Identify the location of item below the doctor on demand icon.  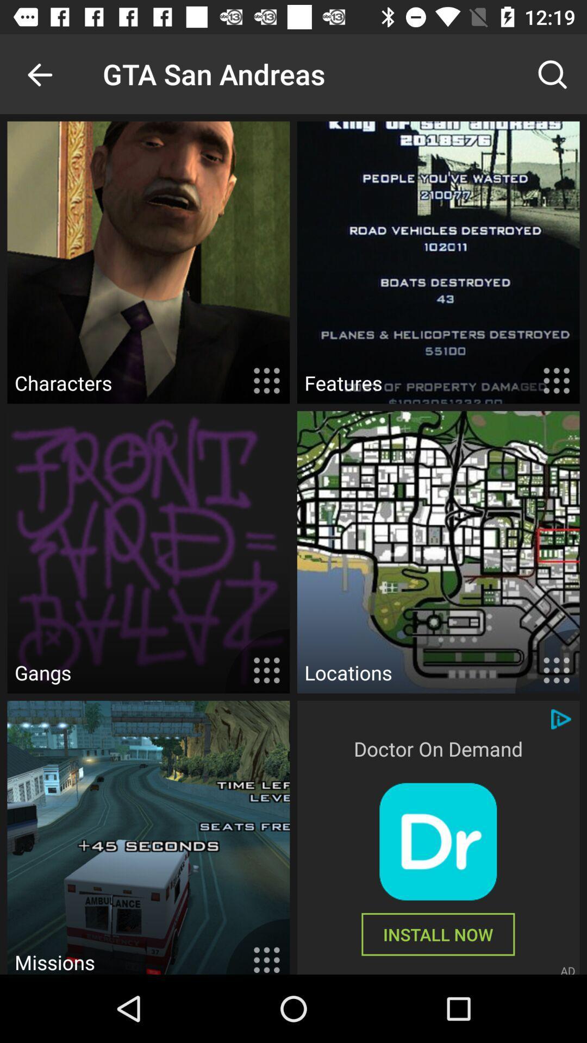
(438, 841).